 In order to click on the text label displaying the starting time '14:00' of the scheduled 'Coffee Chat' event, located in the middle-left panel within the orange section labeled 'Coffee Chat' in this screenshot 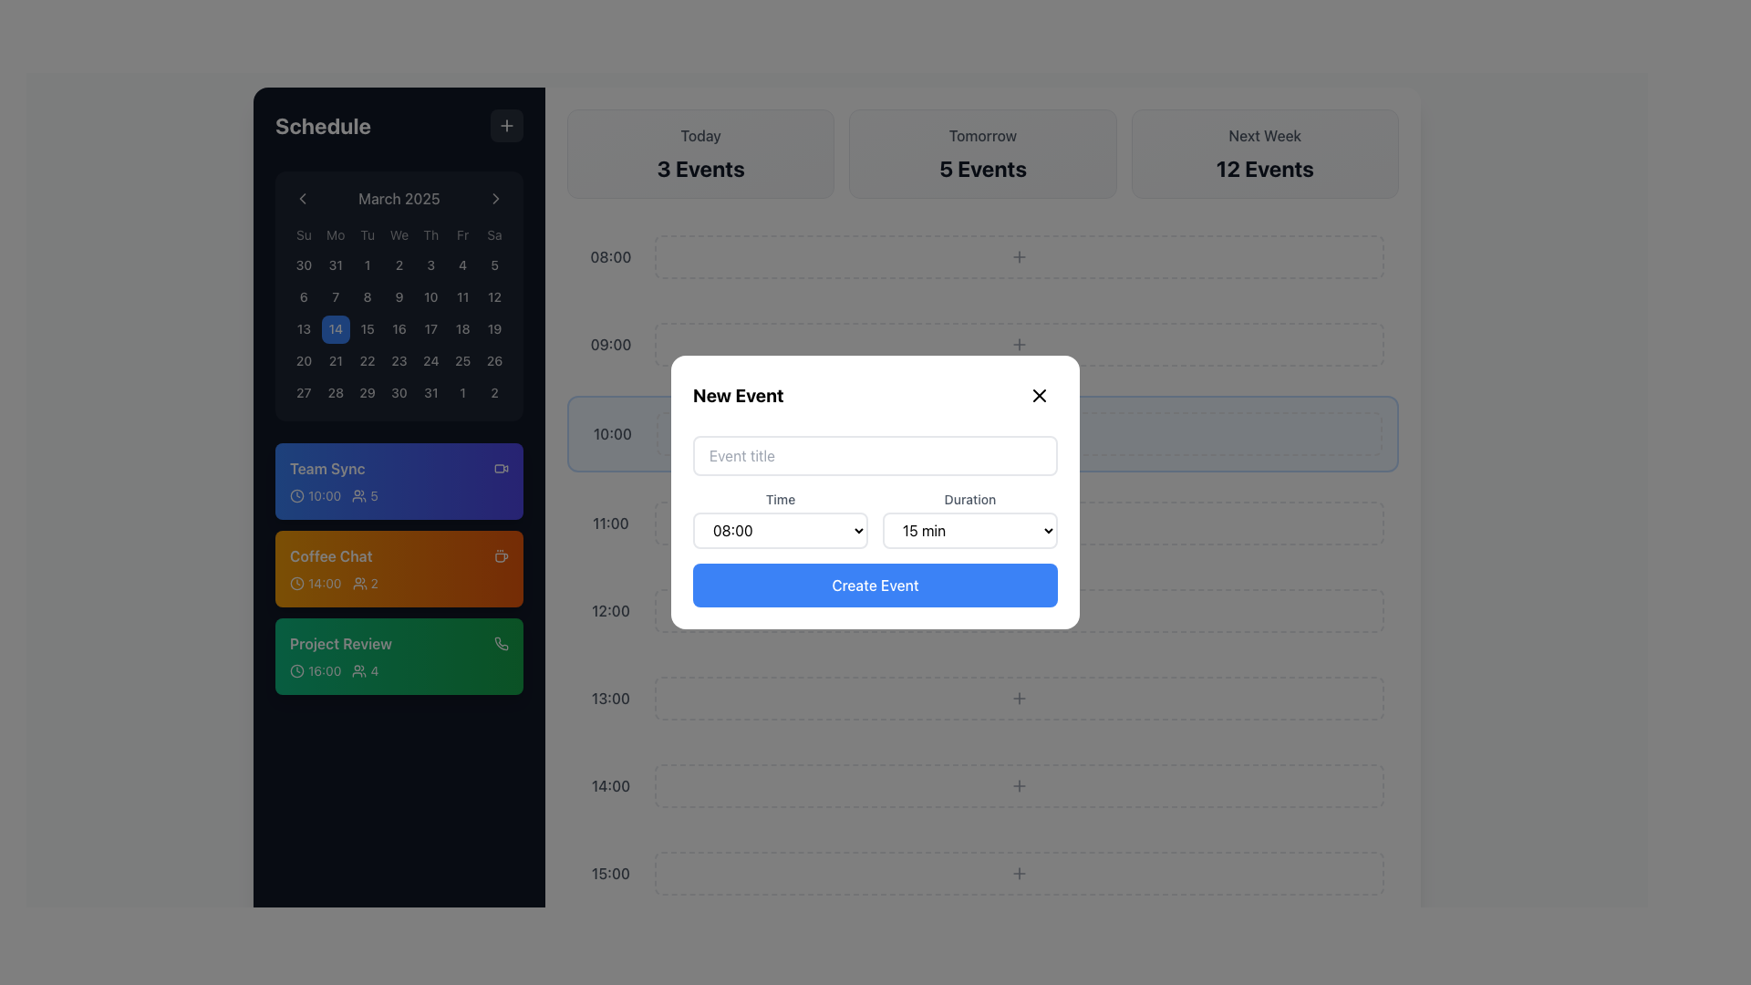, I will do `click(325, 584)`.